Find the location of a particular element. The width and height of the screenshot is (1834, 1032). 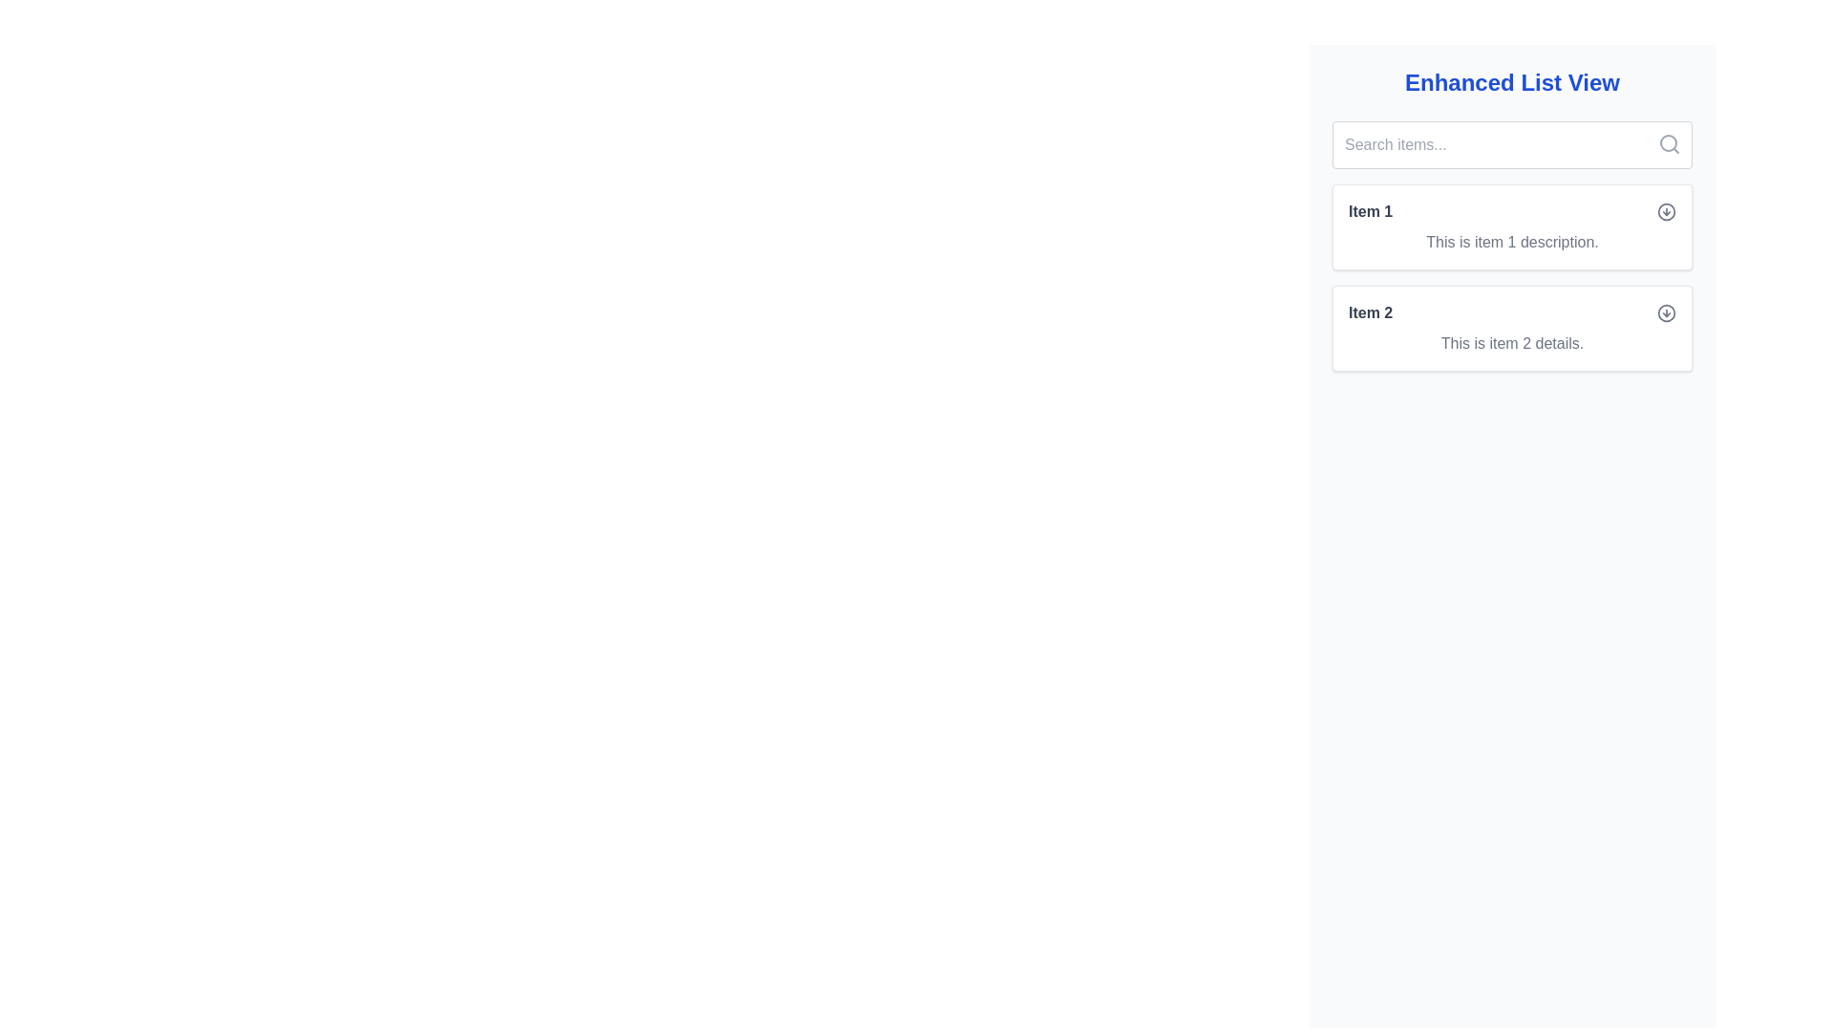

the static text label that reads 'This is item 1 description.' located below the title 'Item 1' within its card is located at coordinates (1511, 242).